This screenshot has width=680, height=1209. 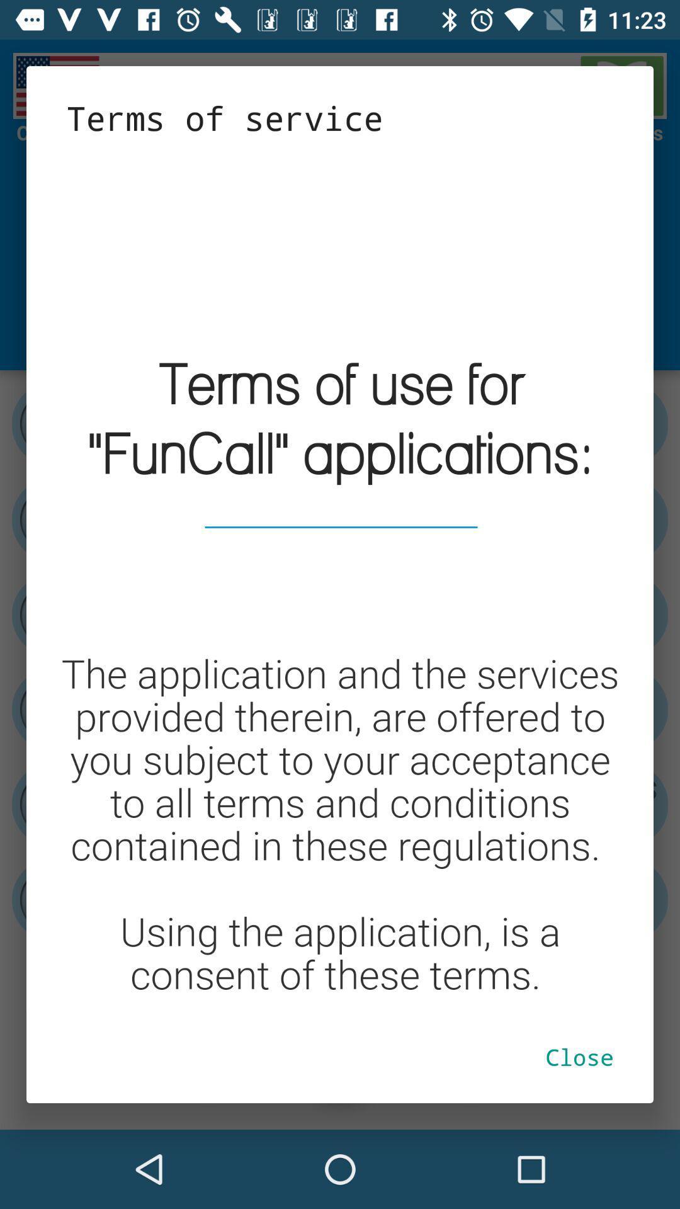 I want to click on close item, so click(x=579, y=1057).